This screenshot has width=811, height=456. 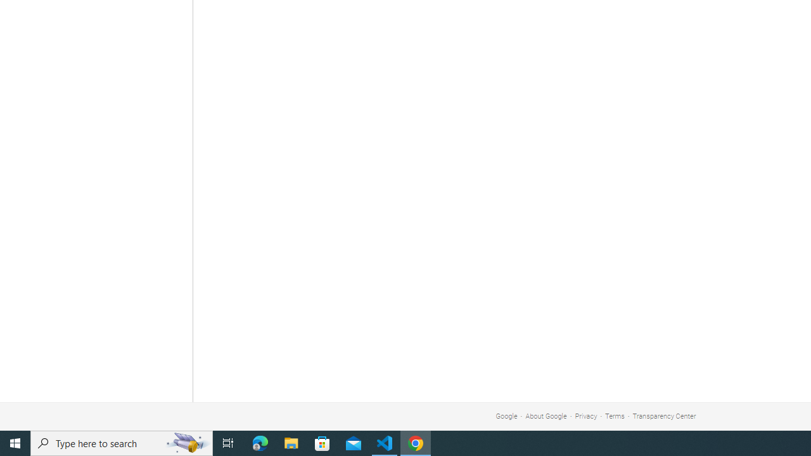 I want to click on 'Privacy', so click(x=585, y=416).